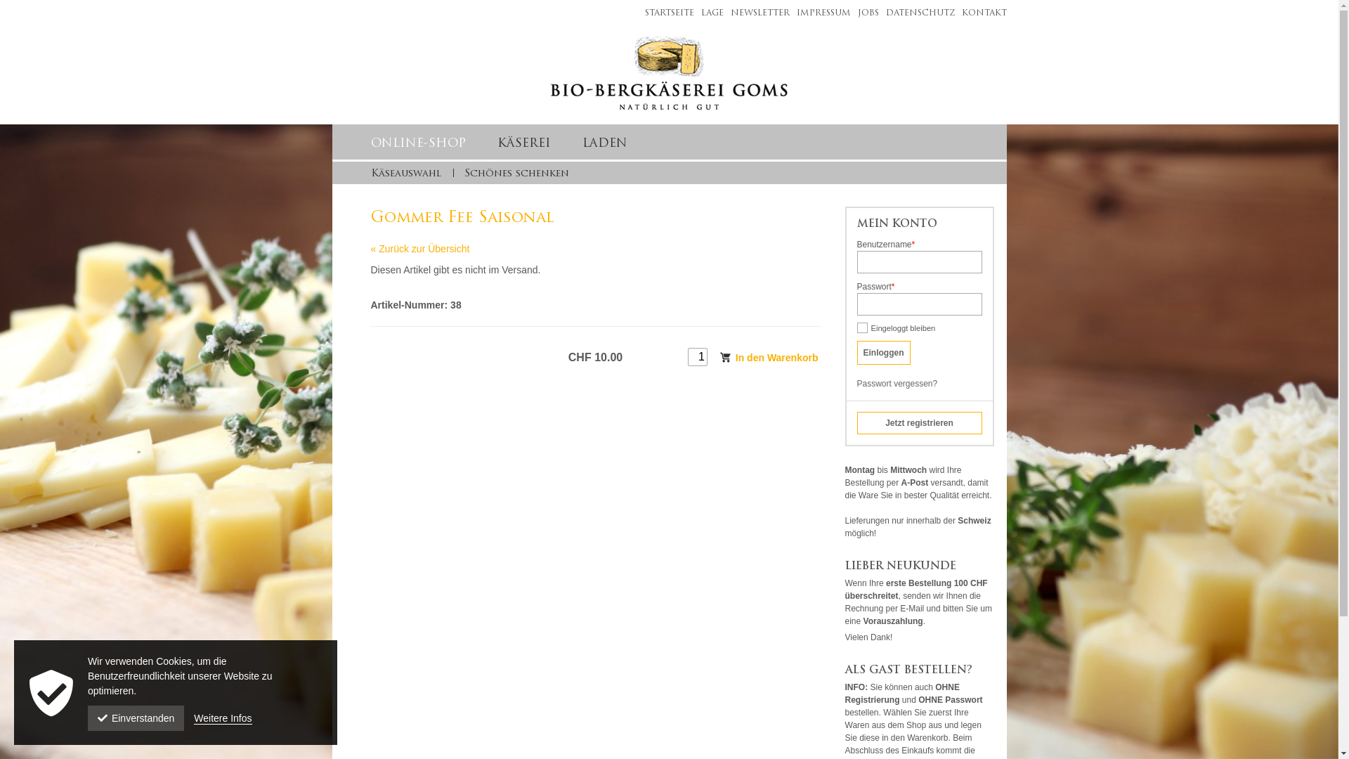 This screenshot has width=1349, height=759. What do you see at coordinates (849, 13) in the screenshot?
I see `'JOBS'` at bounding box center [849, 13].